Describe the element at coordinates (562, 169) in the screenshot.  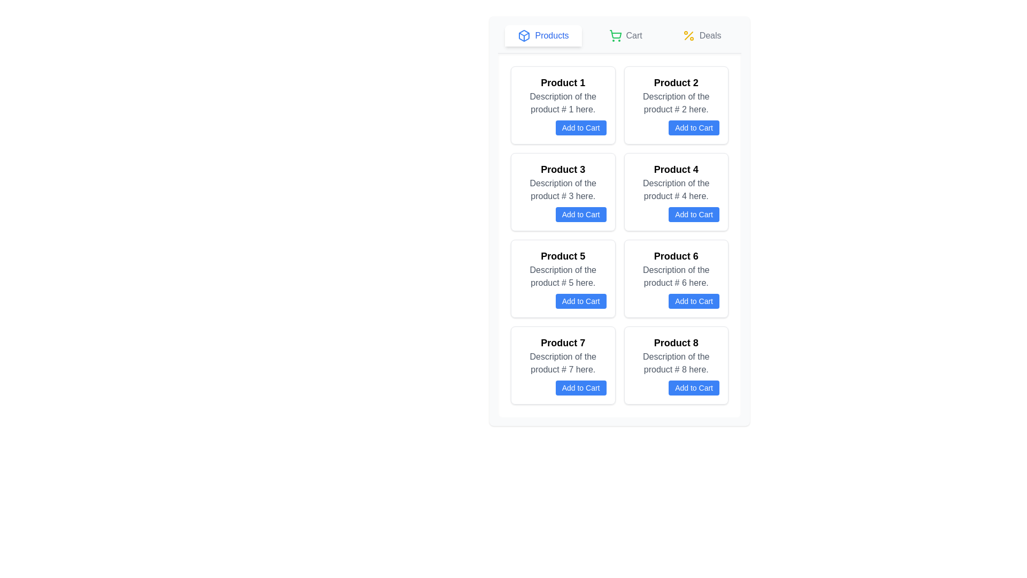
I see `the bold text label reading 'Product 3', which is positioned at the top-center of the third card in the grid layout` at that location.